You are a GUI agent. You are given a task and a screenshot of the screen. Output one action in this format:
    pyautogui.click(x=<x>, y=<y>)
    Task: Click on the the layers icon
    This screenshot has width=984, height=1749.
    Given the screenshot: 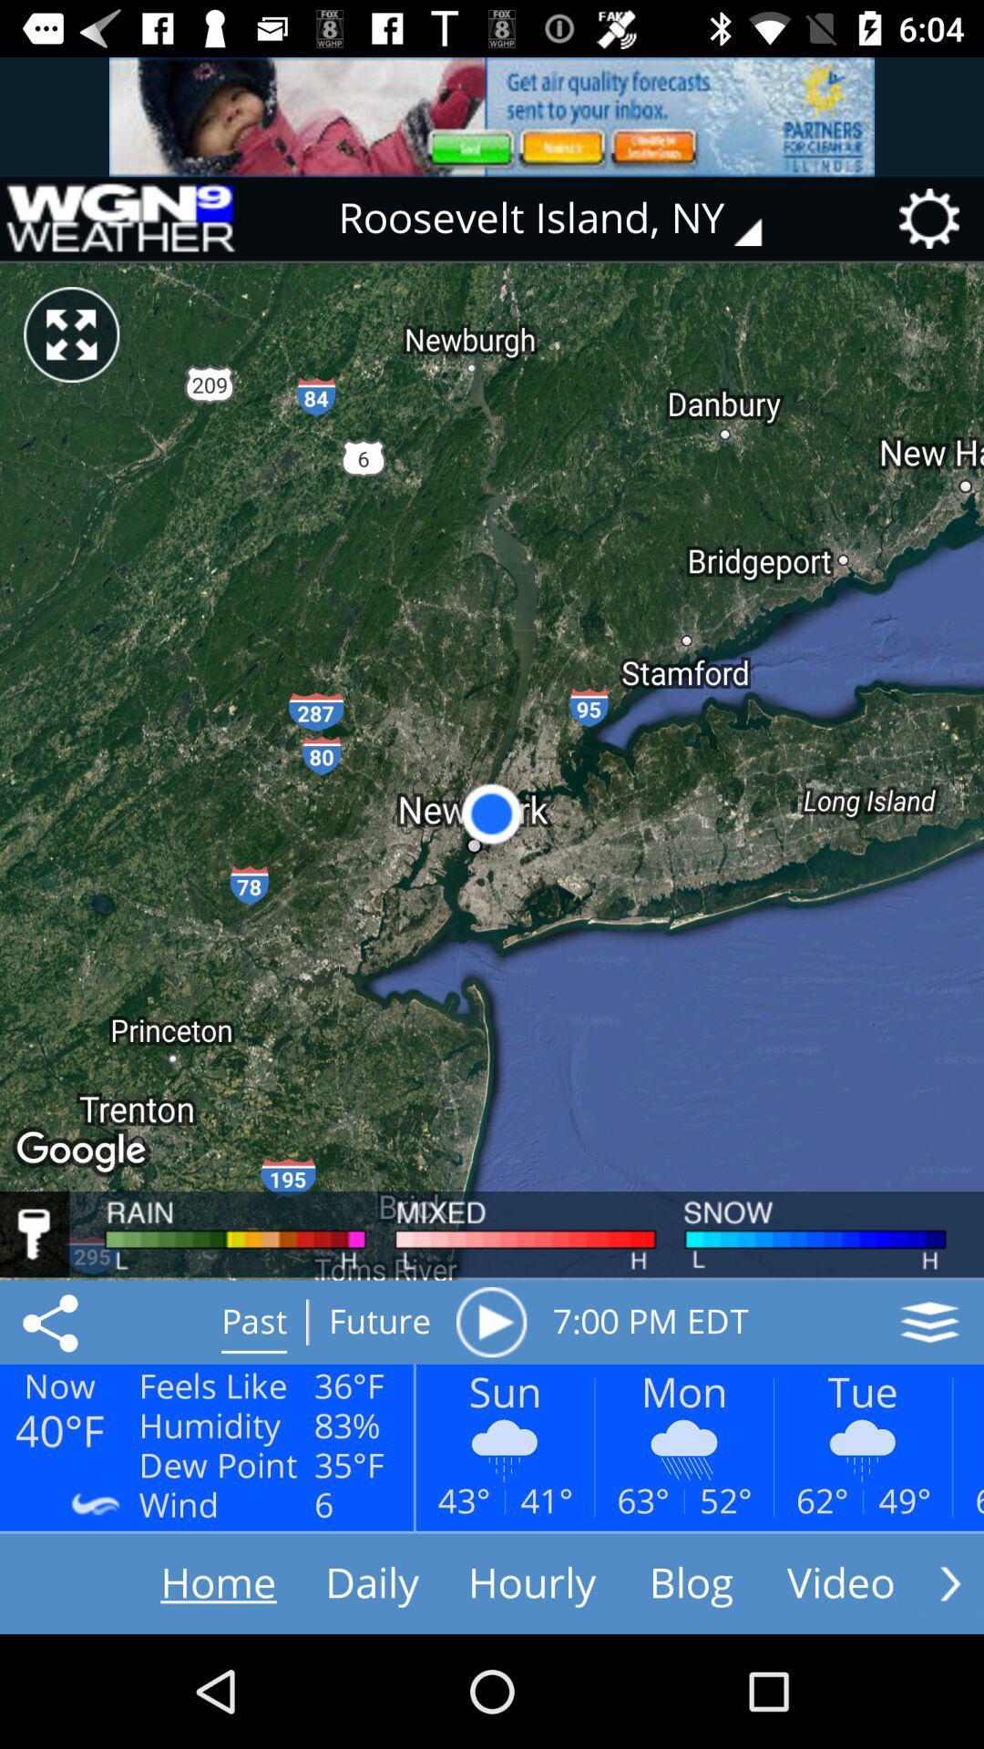 What is the action you would take?
    pyautogui.click(x=929, y=1322)
    